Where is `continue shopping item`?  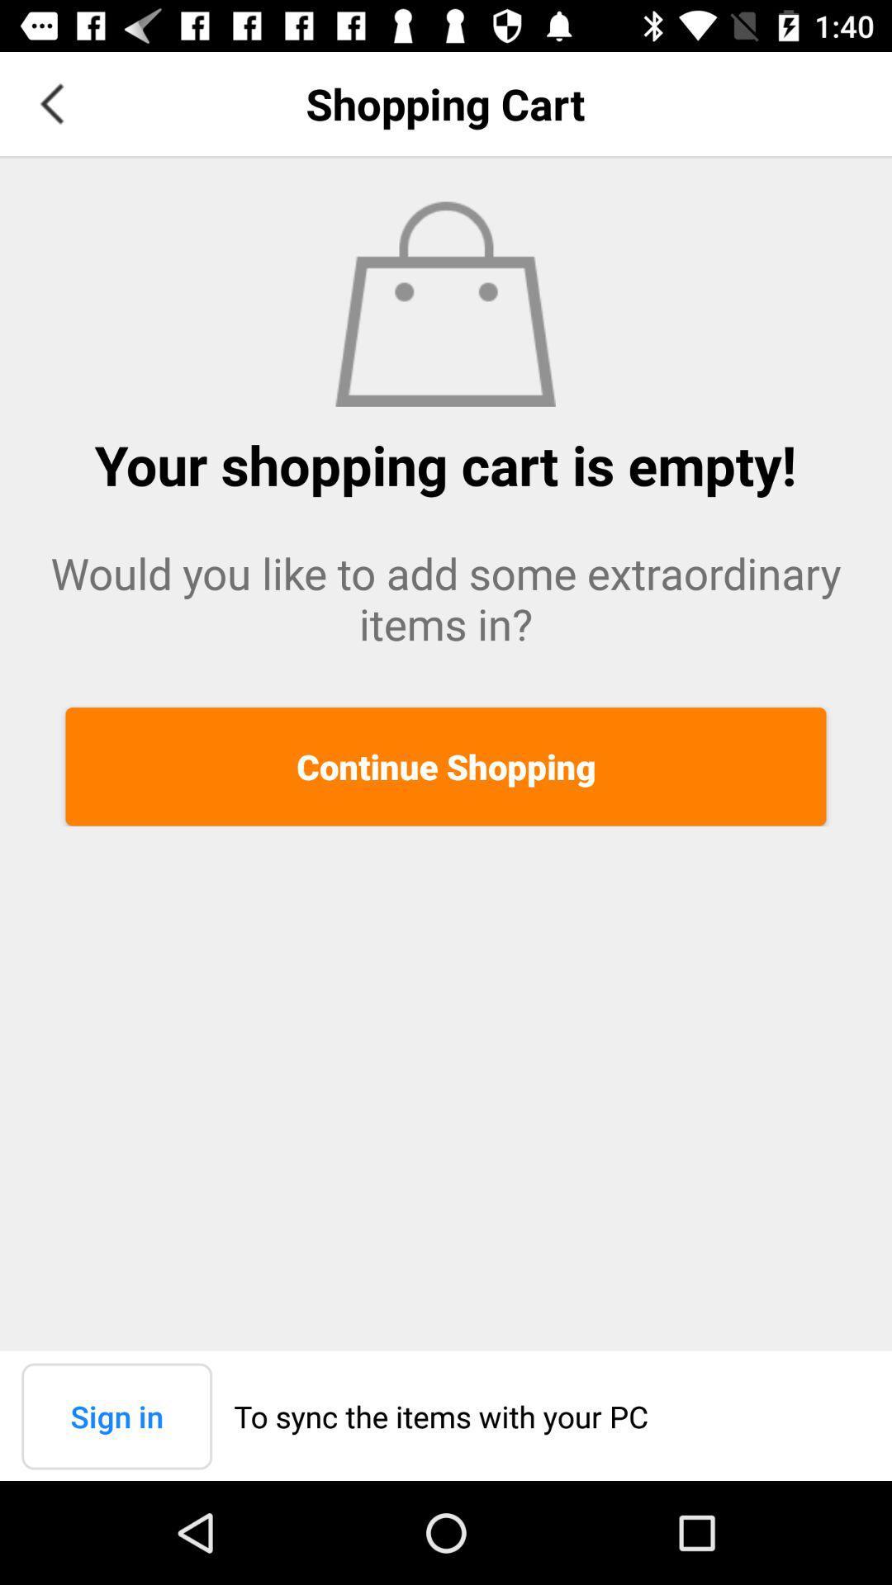 continue shopping item is located at coordinates (446, 765).